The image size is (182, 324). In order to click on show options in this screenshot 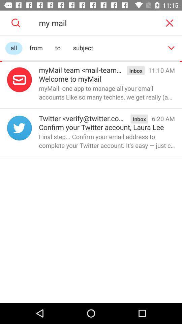, I will do `click(171, 48)`.